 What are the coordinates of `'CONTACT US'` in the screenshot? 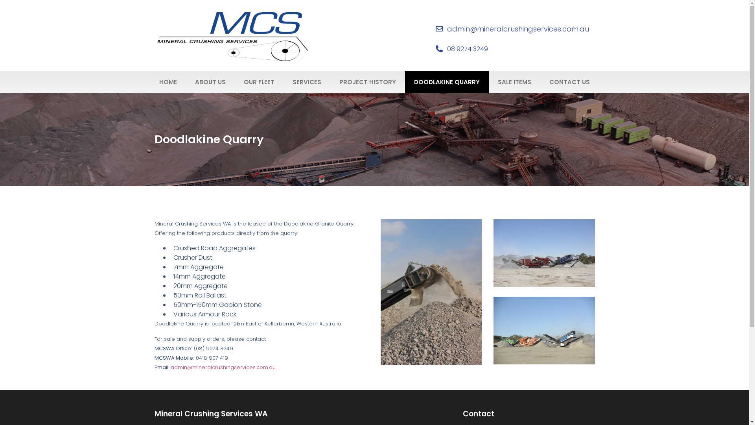 It's located at (569, 82).